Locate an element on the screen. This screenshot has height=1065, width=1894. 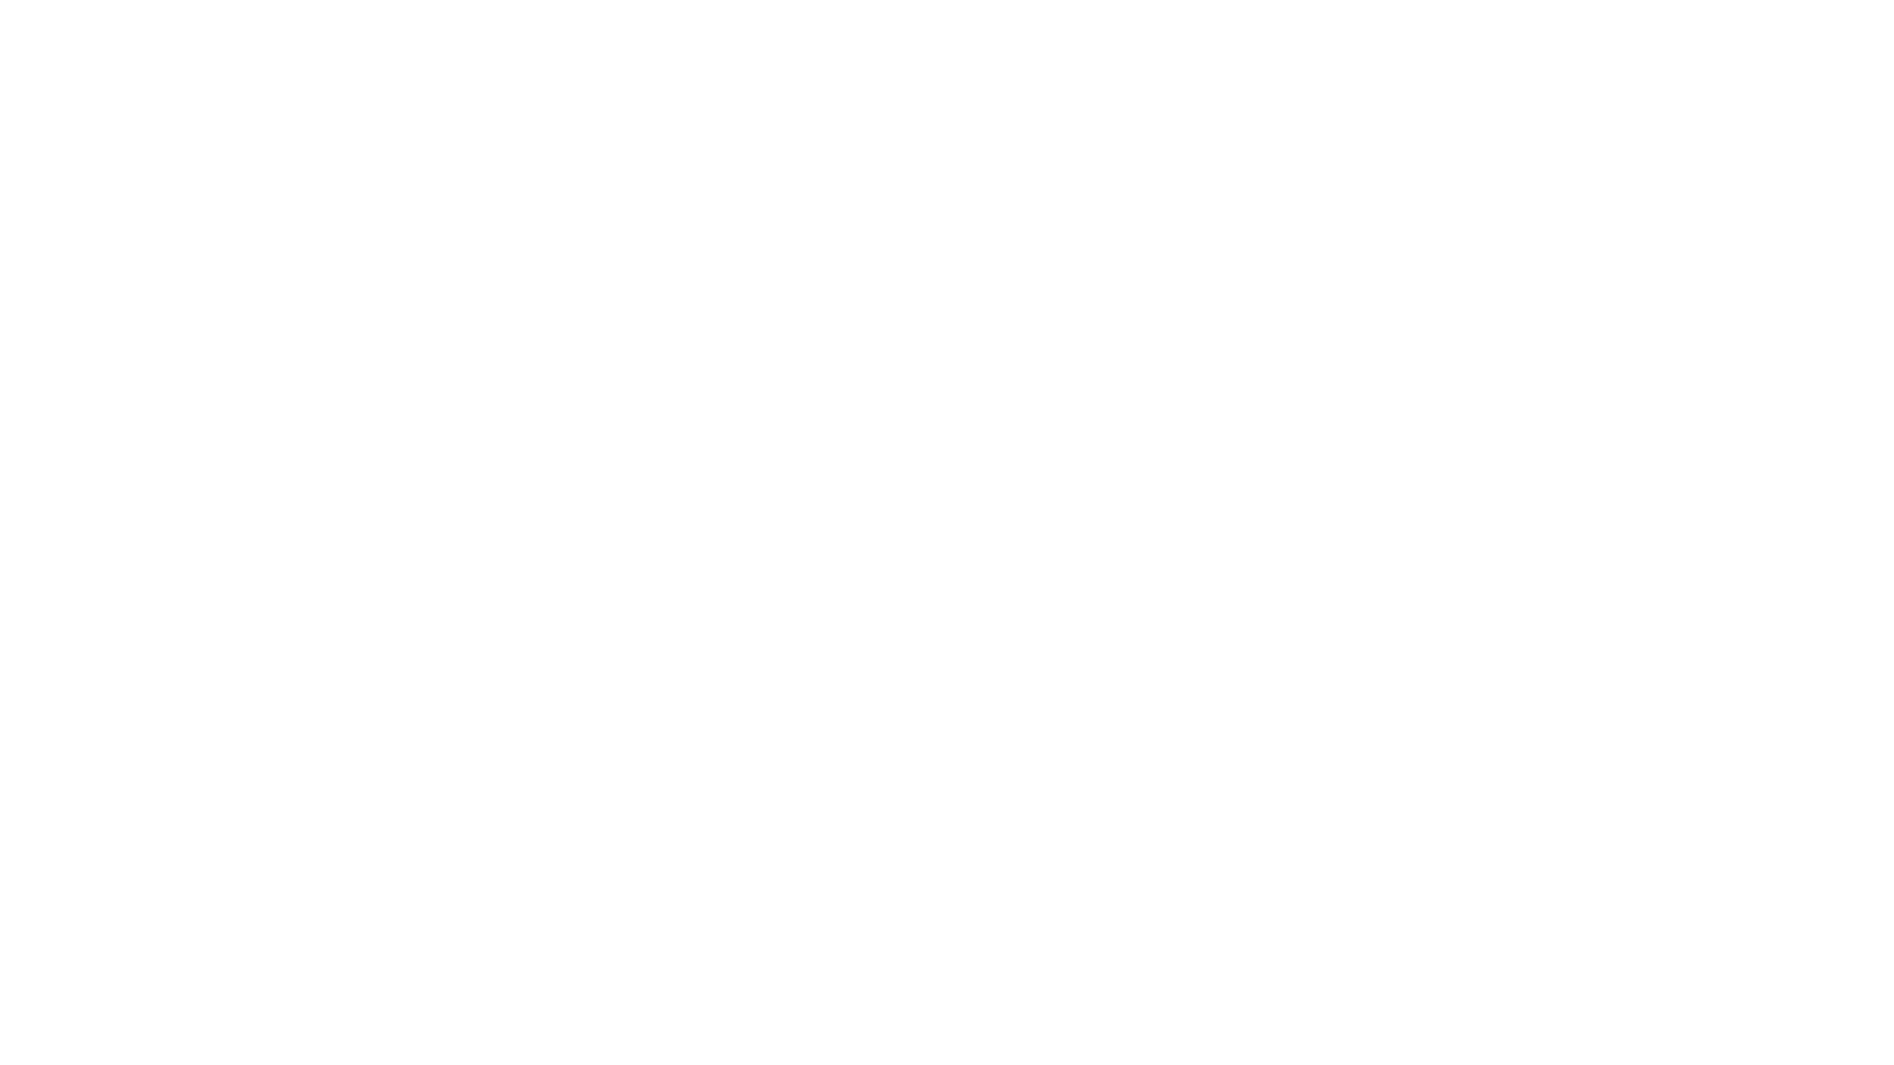
About is located at coordinates (850, 27).